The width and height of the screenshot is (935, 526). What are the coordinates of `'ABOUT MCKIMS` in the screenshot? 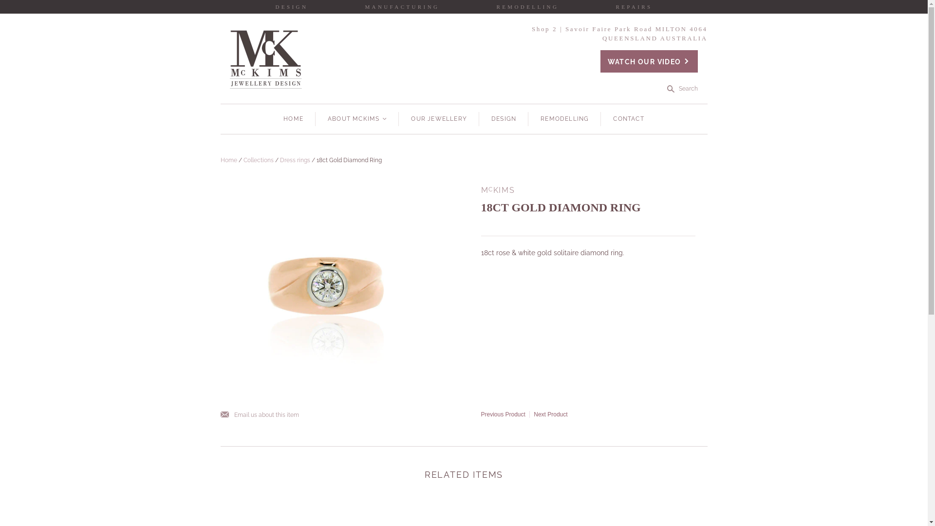 It's located at (356, 118).